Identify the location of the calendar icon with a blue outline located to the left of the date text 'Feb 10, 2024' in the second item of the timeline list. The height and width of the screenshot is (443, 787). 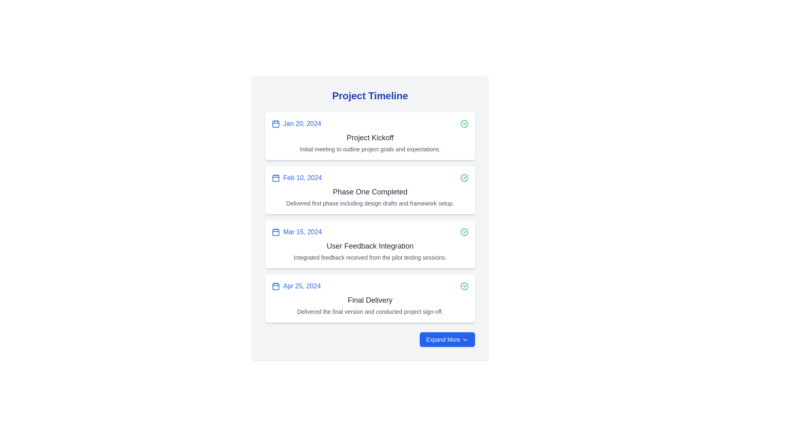
(275, 178).